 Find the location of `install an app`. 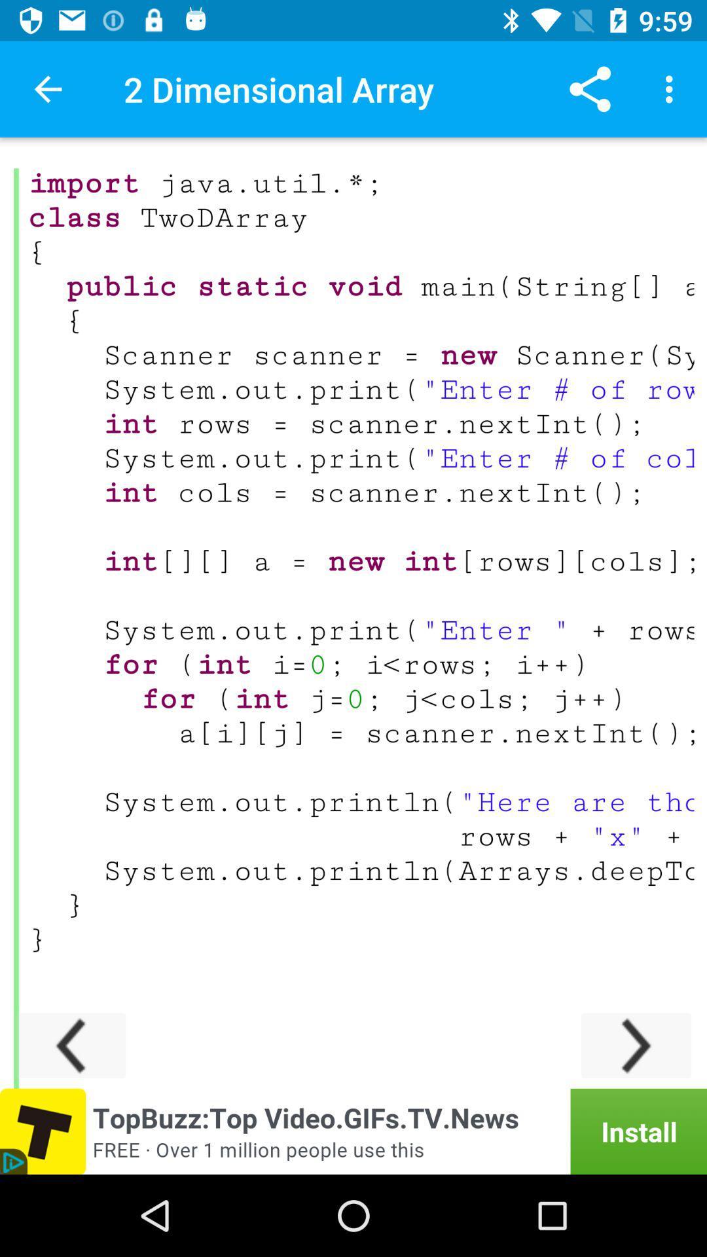

install an app is located at coordinates (353, 1131).